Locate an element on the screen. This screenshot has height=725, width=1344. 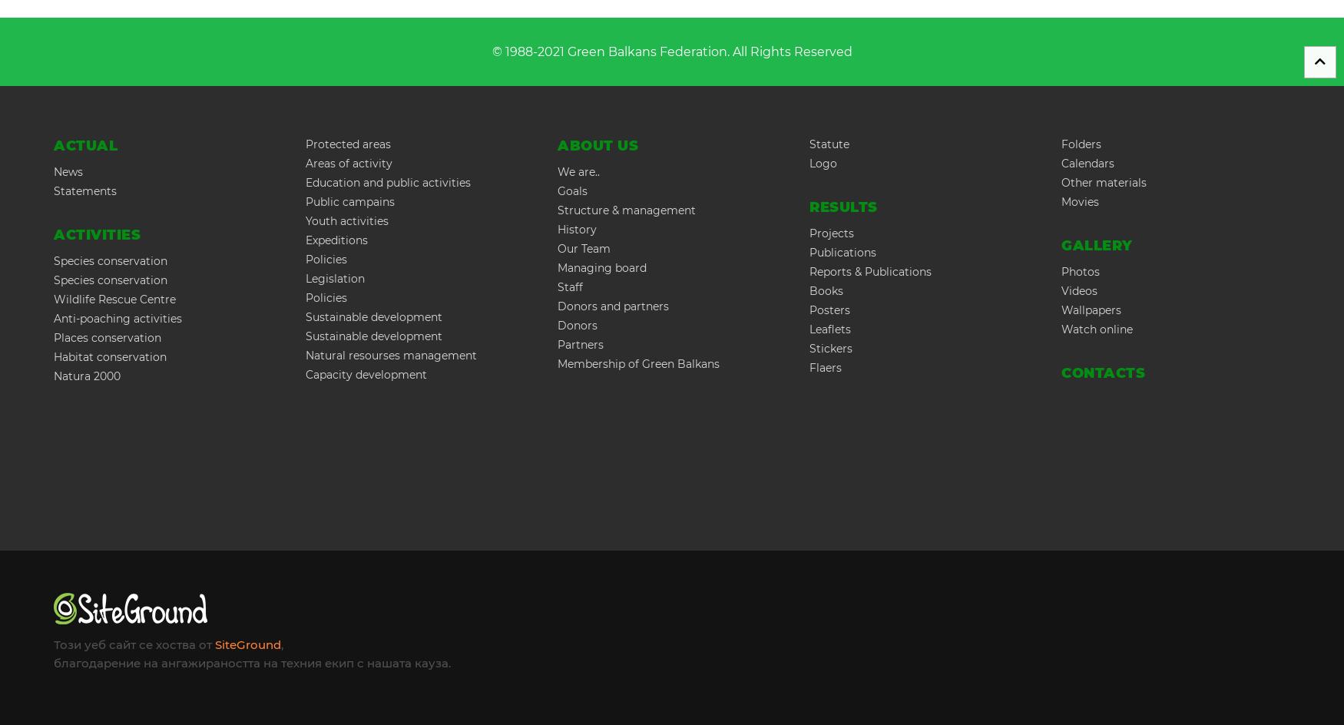
'Statements' is located at coordinates (54, 191).